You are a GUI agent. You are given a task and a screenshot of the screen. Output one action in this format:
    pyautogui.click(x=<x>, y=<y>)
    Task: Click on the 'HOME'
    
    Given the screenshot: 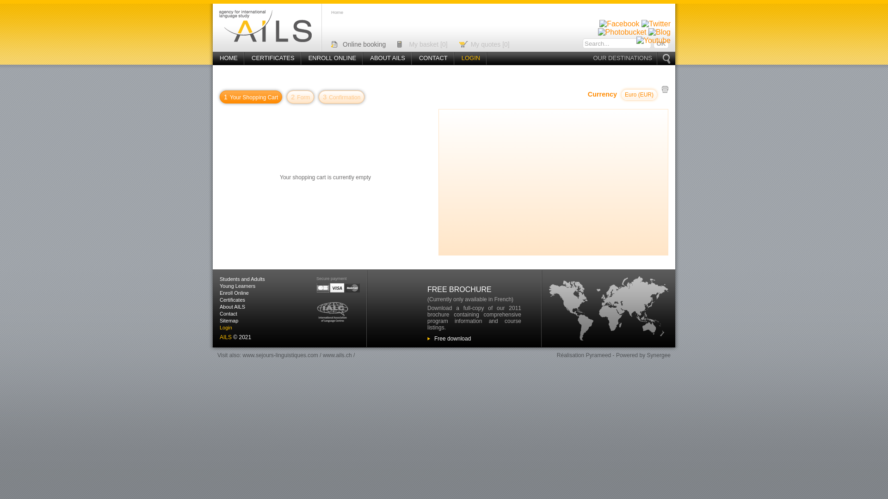 What is the action you would take?
    pyautogui.click(x=228, y=58)
    